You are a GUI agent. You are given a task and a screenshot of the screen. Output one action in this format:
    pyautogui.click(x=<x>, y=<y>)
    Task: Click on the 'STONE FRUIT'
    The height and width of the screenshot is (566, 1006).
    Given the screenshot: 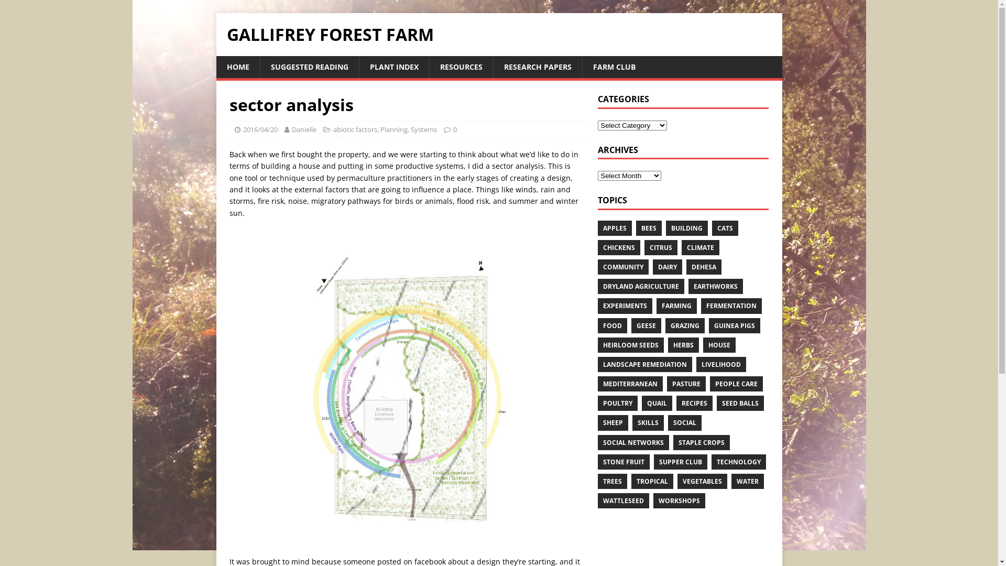 What is the action you would take?
    pyautogui.click(x=624, y=461)
    